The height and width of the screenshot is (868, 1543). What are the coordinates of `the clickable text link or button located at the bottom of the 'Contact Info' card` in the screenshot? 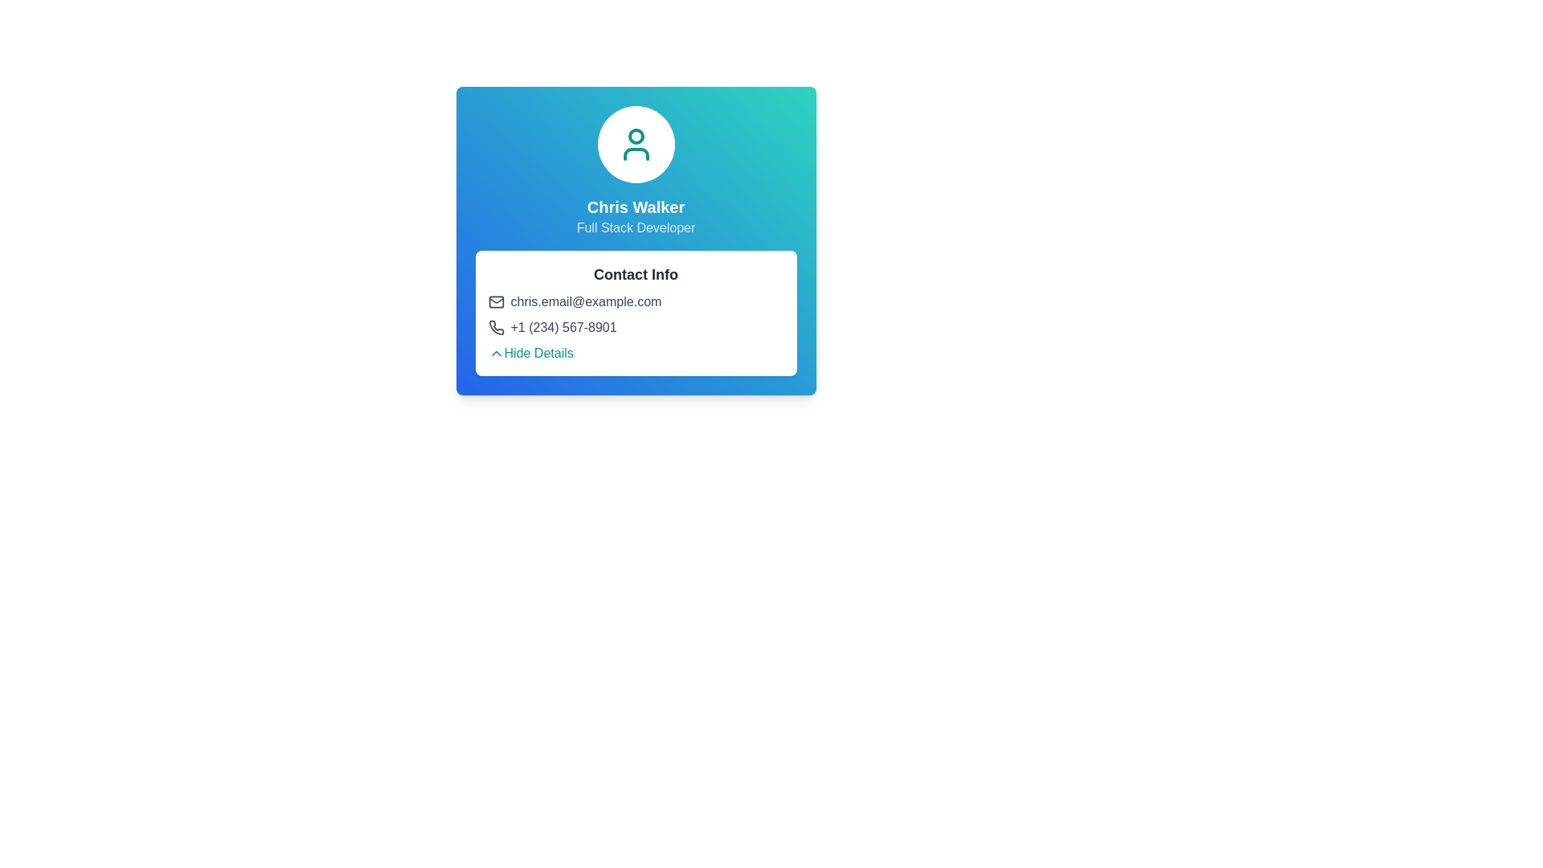 It's located at (530, 352).